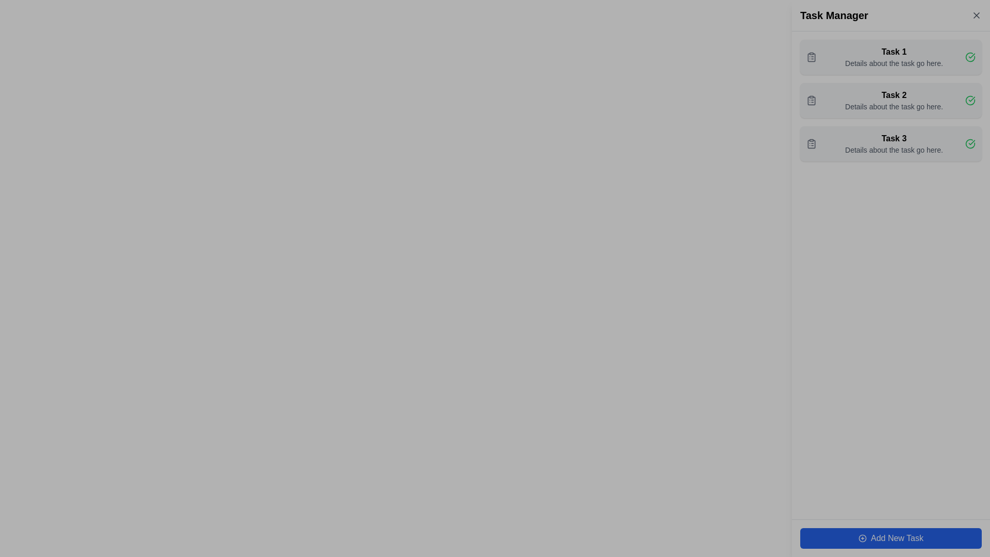  I want to click on the third task entry in the task manager interface that displays the title and description of a task, located below 'Task 2', so click(893, 143).